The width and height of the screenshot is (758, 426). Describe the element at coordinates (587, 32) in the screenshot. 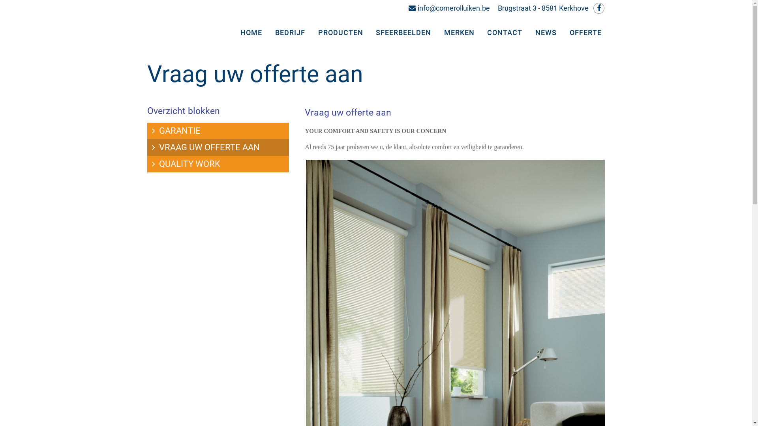

I see `'OFFERTE'` at that location.